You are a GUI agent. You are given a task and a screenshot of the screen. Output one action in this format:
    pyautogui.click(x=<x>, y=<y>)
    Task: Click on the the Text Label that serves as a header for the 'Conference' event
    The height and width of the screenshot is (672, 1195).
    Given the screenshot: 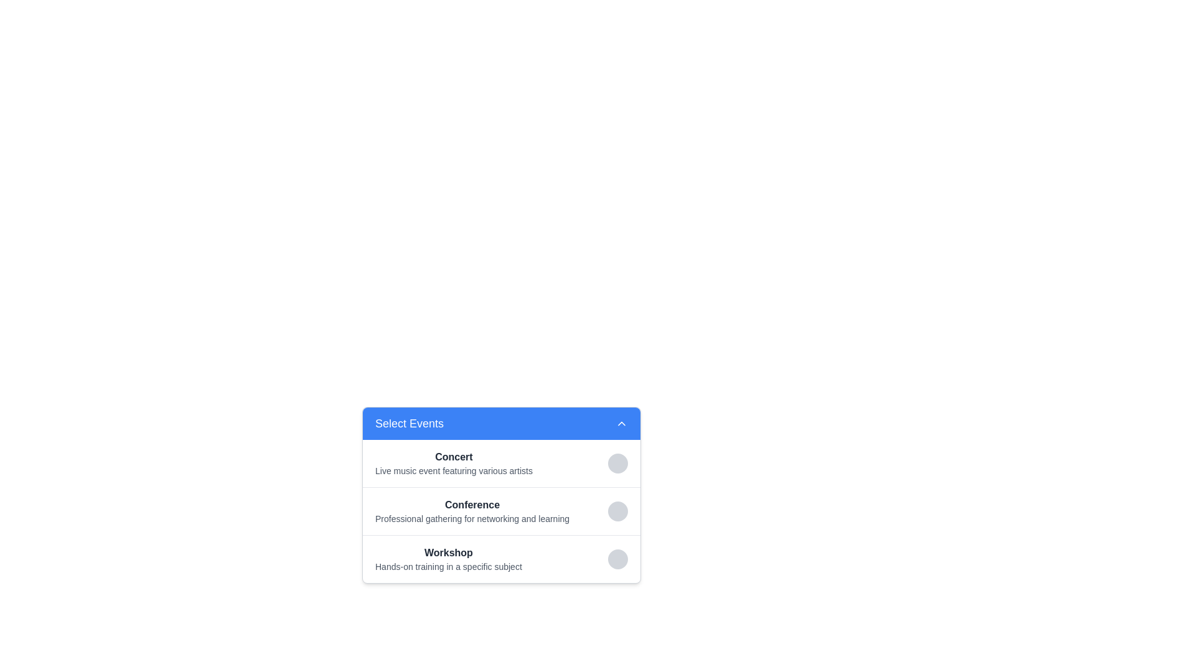 What is the action you would take?
    pyautogui.click(x=471, y=505)
    